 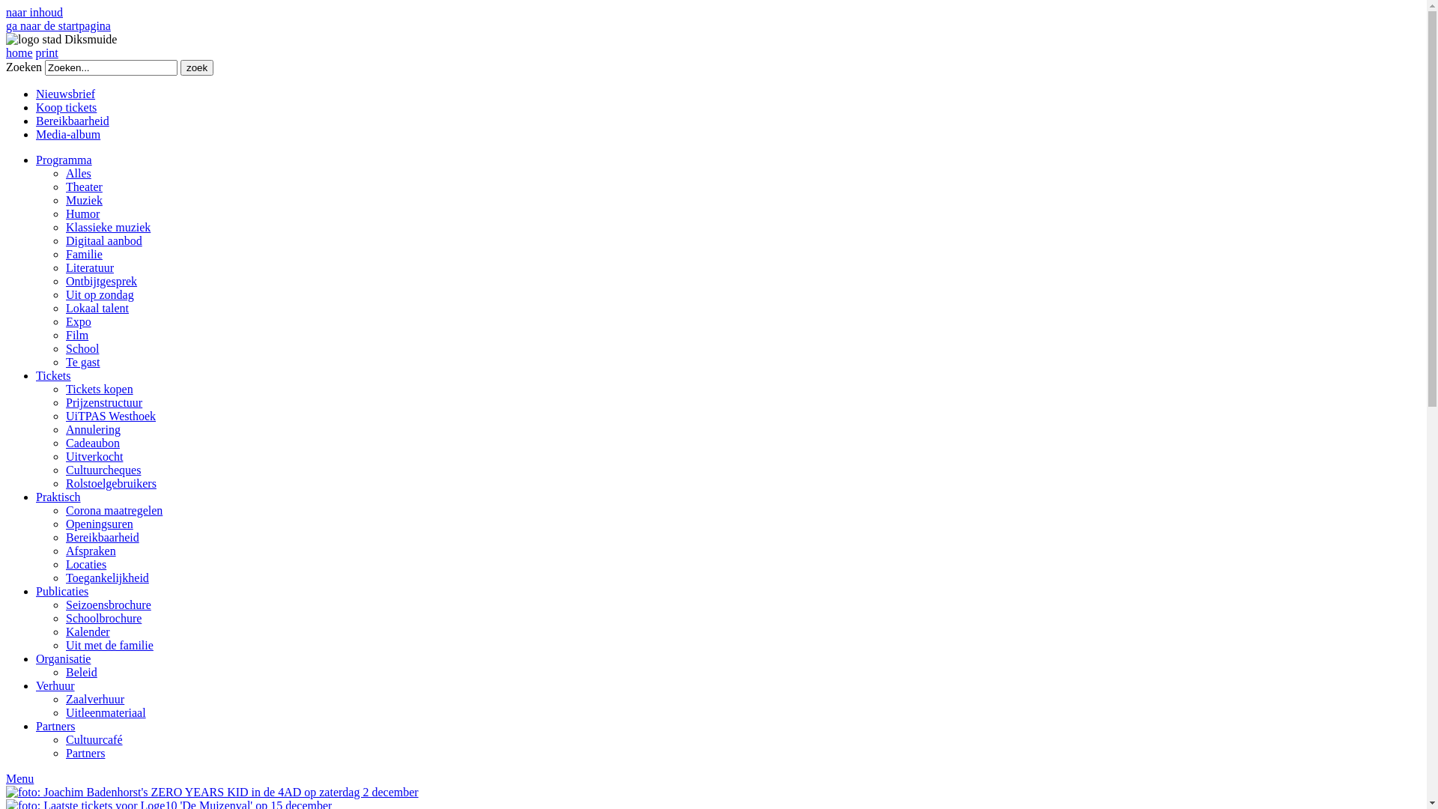 What do you see at coordinates (81, 671) in the screenshot?
I see `'Beleid'` at bounding box center [81, 671].